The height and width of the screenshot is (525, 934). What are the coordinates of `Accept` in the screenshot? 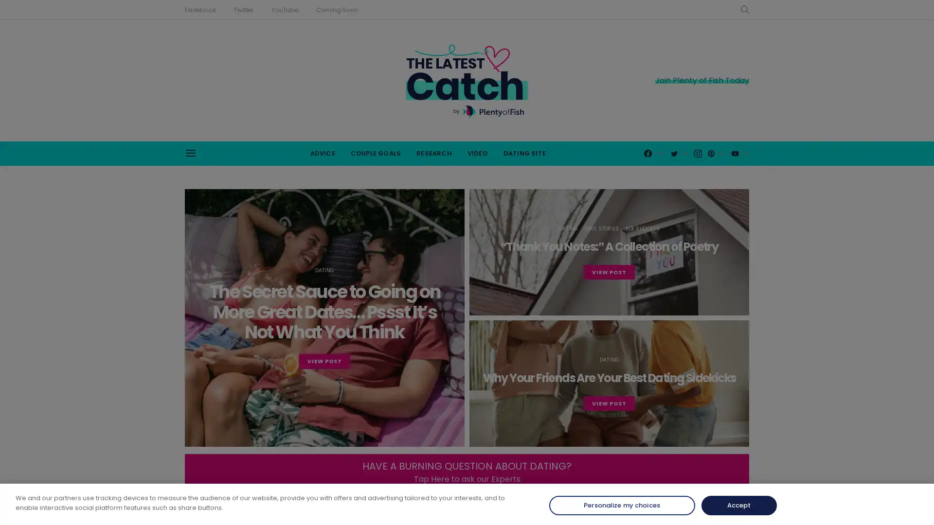 It's located at (738, 505).